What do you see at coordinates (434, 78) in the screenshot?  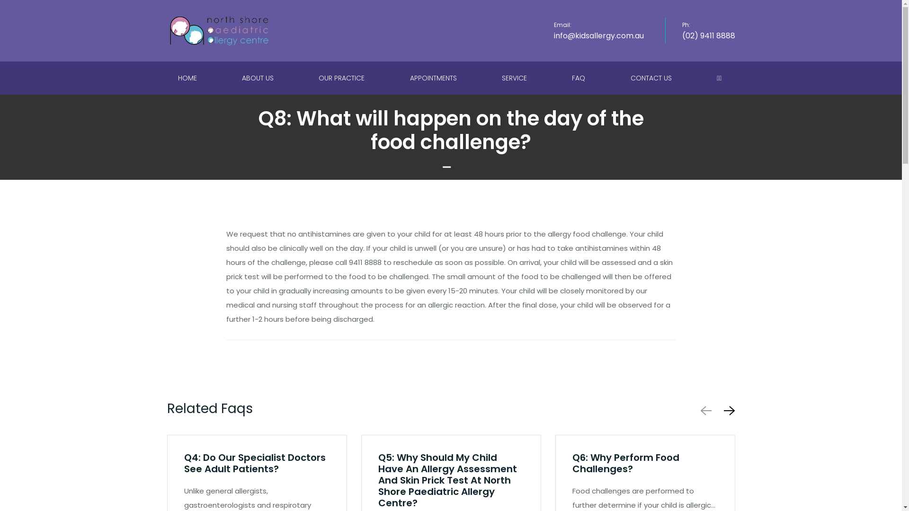 I see `'APPOINTMENTS'` at bounding box center [434, 78].